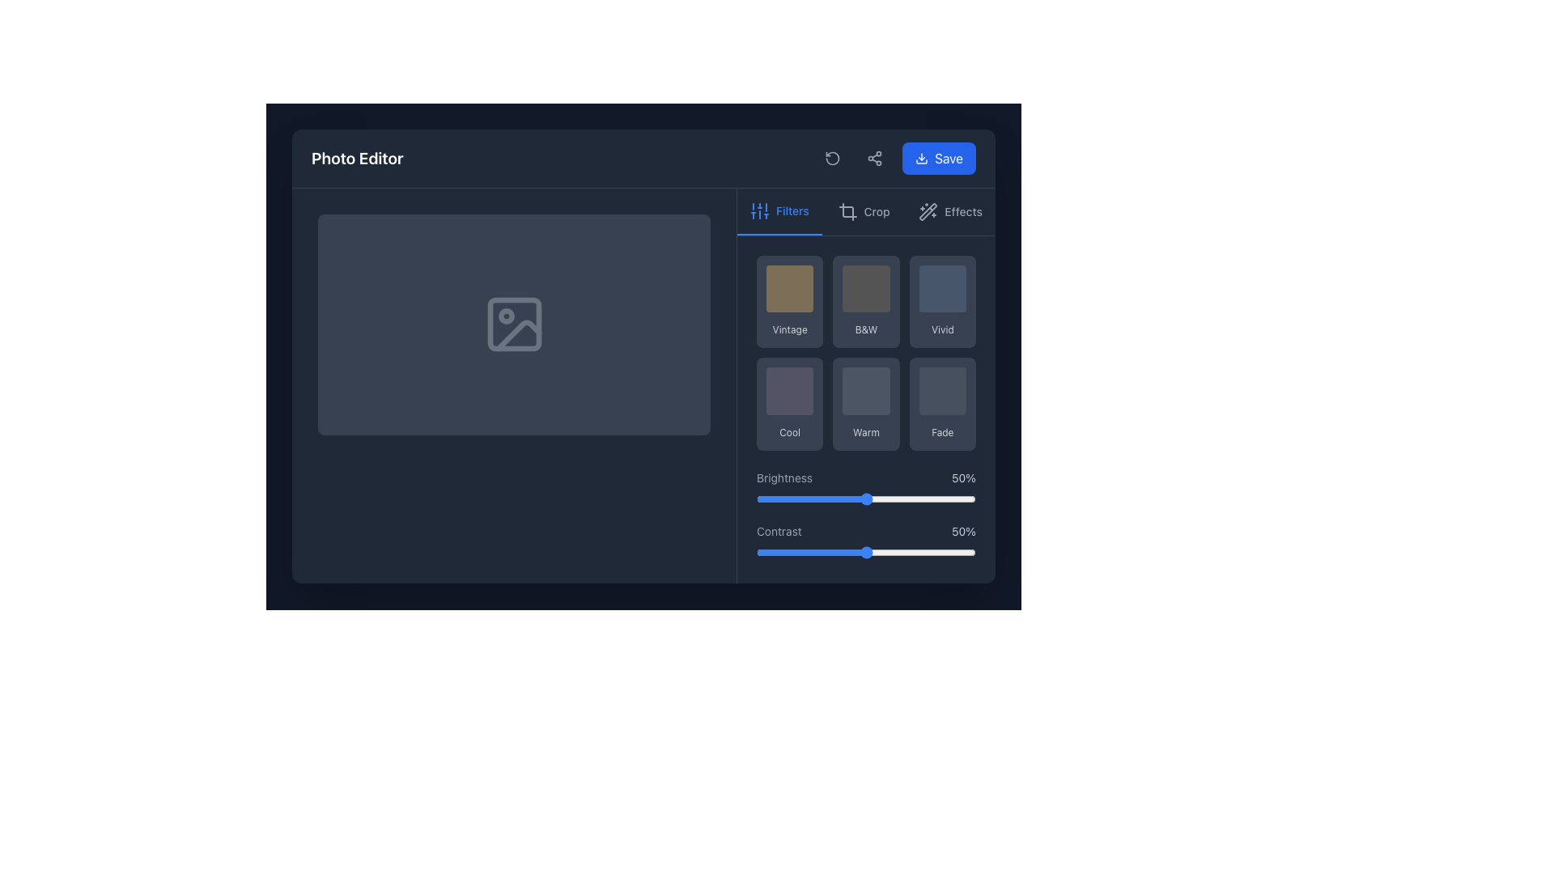 This screenshot has width=1554, height=874. What do you see at coordinates (505, 316) in the screenshot?
I see `the circular graphical marker within the SVG image that indicates a feature, located at the specified coordinates` at bounding box center [505, 316].